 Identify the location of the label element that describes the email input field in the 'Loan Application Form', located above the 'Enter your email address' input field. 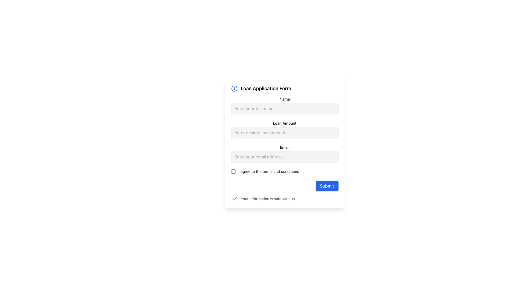
(284, 147).